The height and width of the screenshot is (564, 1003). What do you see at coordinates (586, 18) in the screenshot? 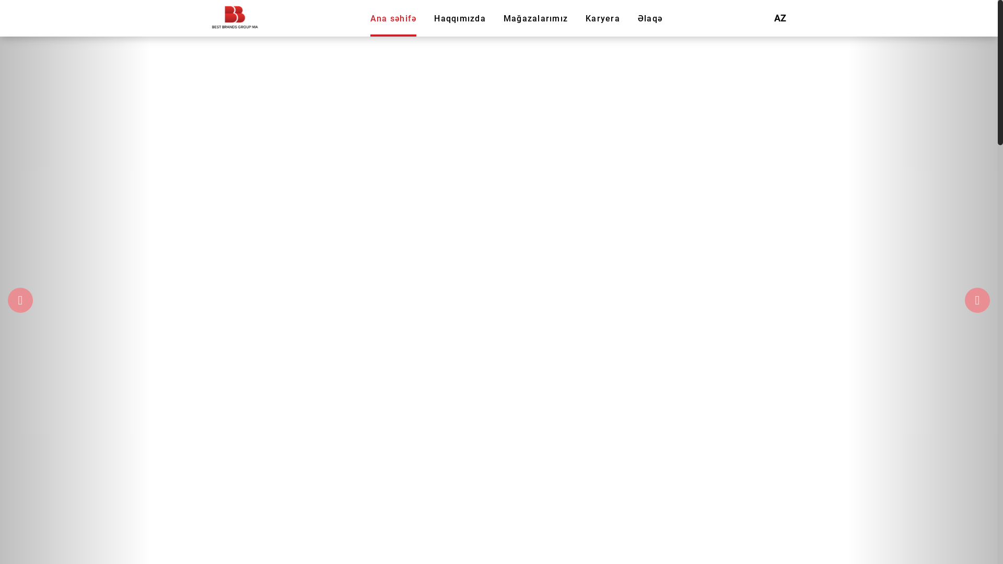
I see `'Karyera'` at bounding box center [586, 18].